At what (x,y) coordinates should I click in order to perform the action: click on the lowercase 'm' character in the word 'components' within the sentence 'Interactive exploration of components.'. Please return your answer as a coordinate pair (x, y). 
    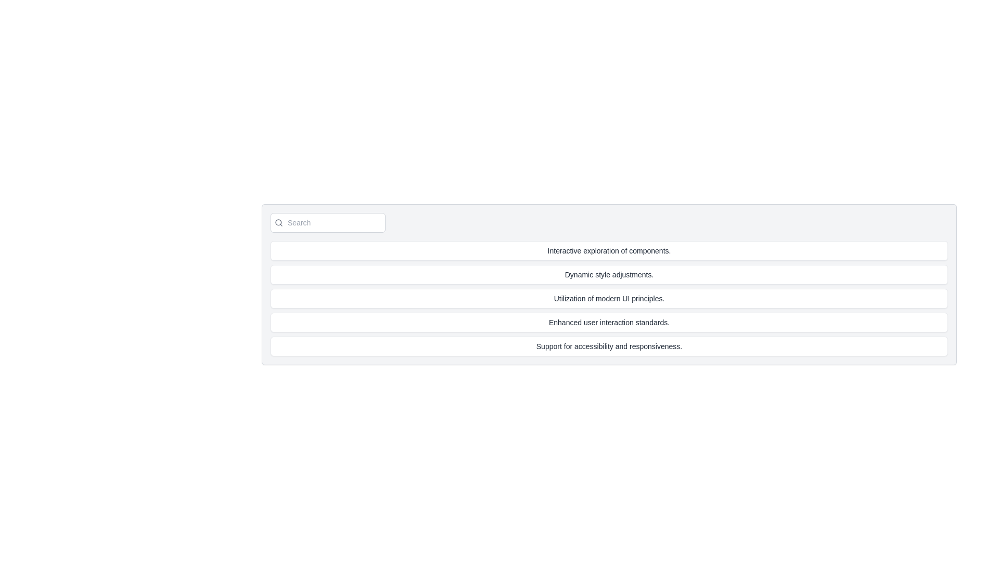
    Looking at the image, I should click on (639, 250).